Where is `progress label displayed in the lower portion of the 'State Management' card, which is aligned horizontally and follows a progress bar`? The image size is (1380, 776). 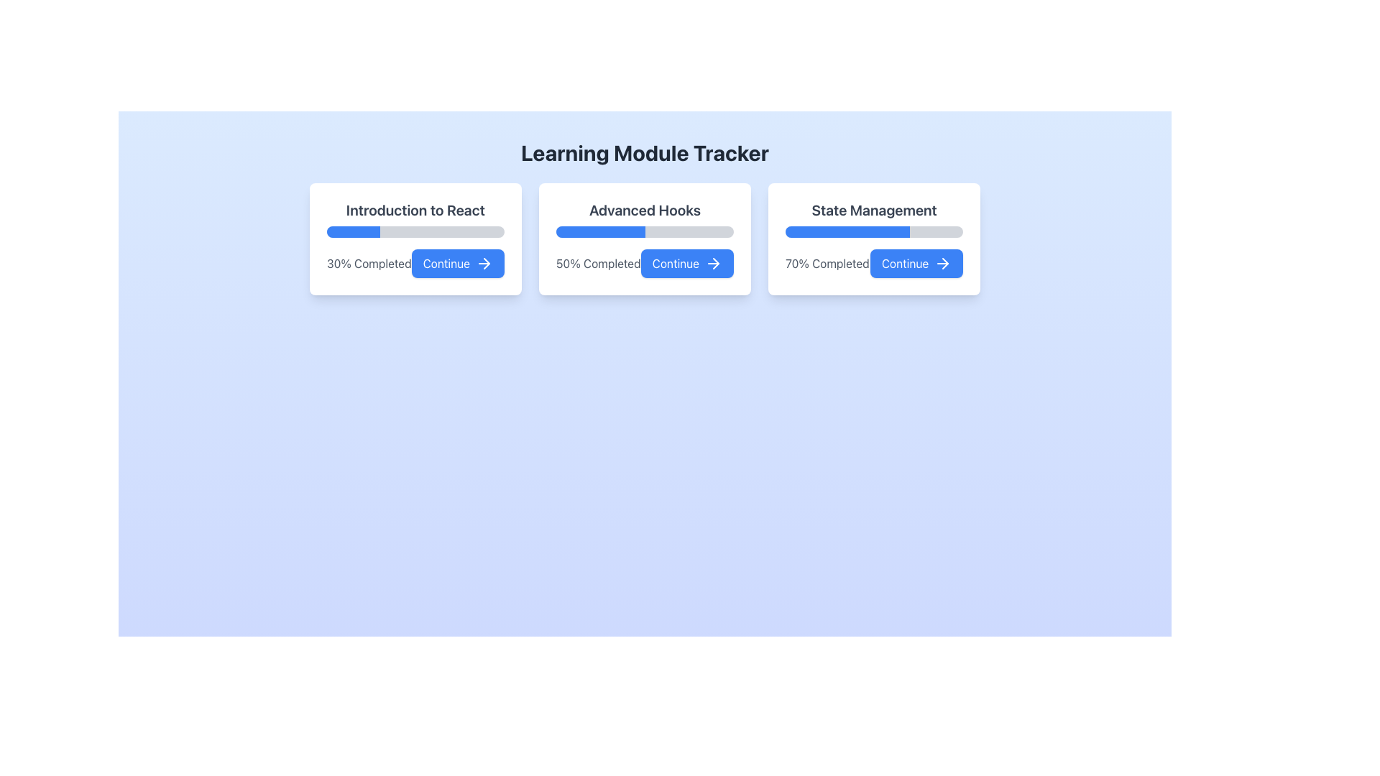 progress label displayed in the lower portion of the 'State Management' card, which is aligned horizontally and follows a progress bar is located at coordinates (873, 263).